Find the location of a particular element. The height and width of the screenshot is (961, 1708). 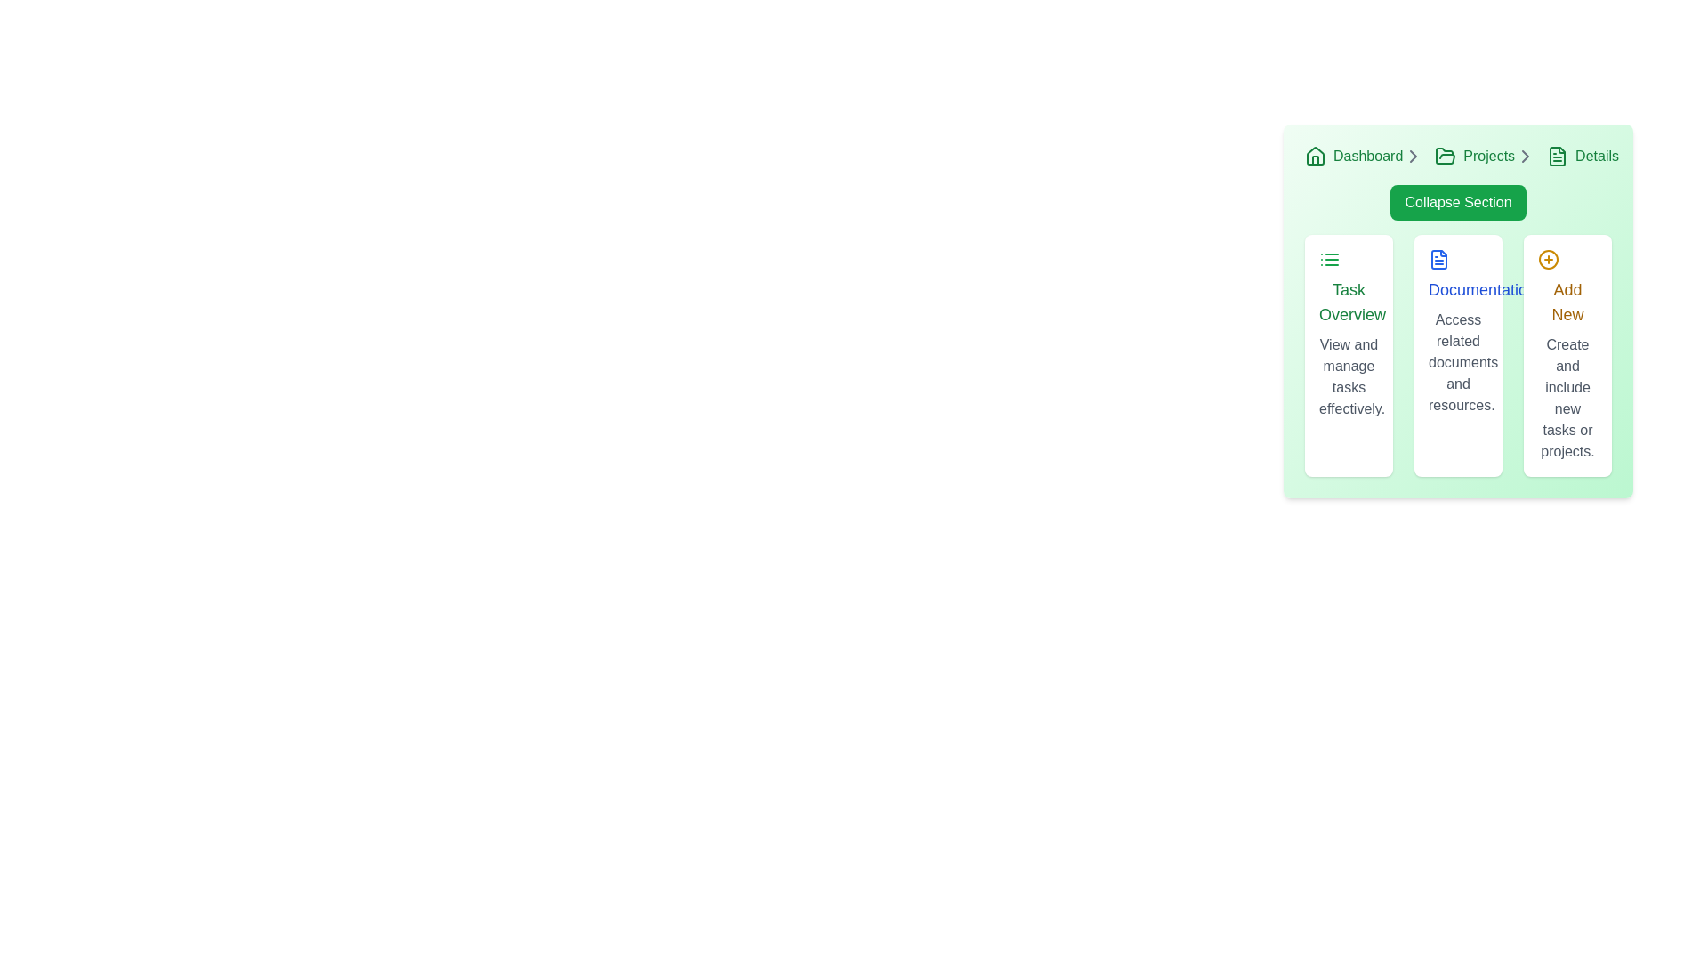

the yellow circular outline of the '+' icon located in the 'Add New' section, which is the last card in a right-aligned row of three cards is located at coordinates (1548, 260).